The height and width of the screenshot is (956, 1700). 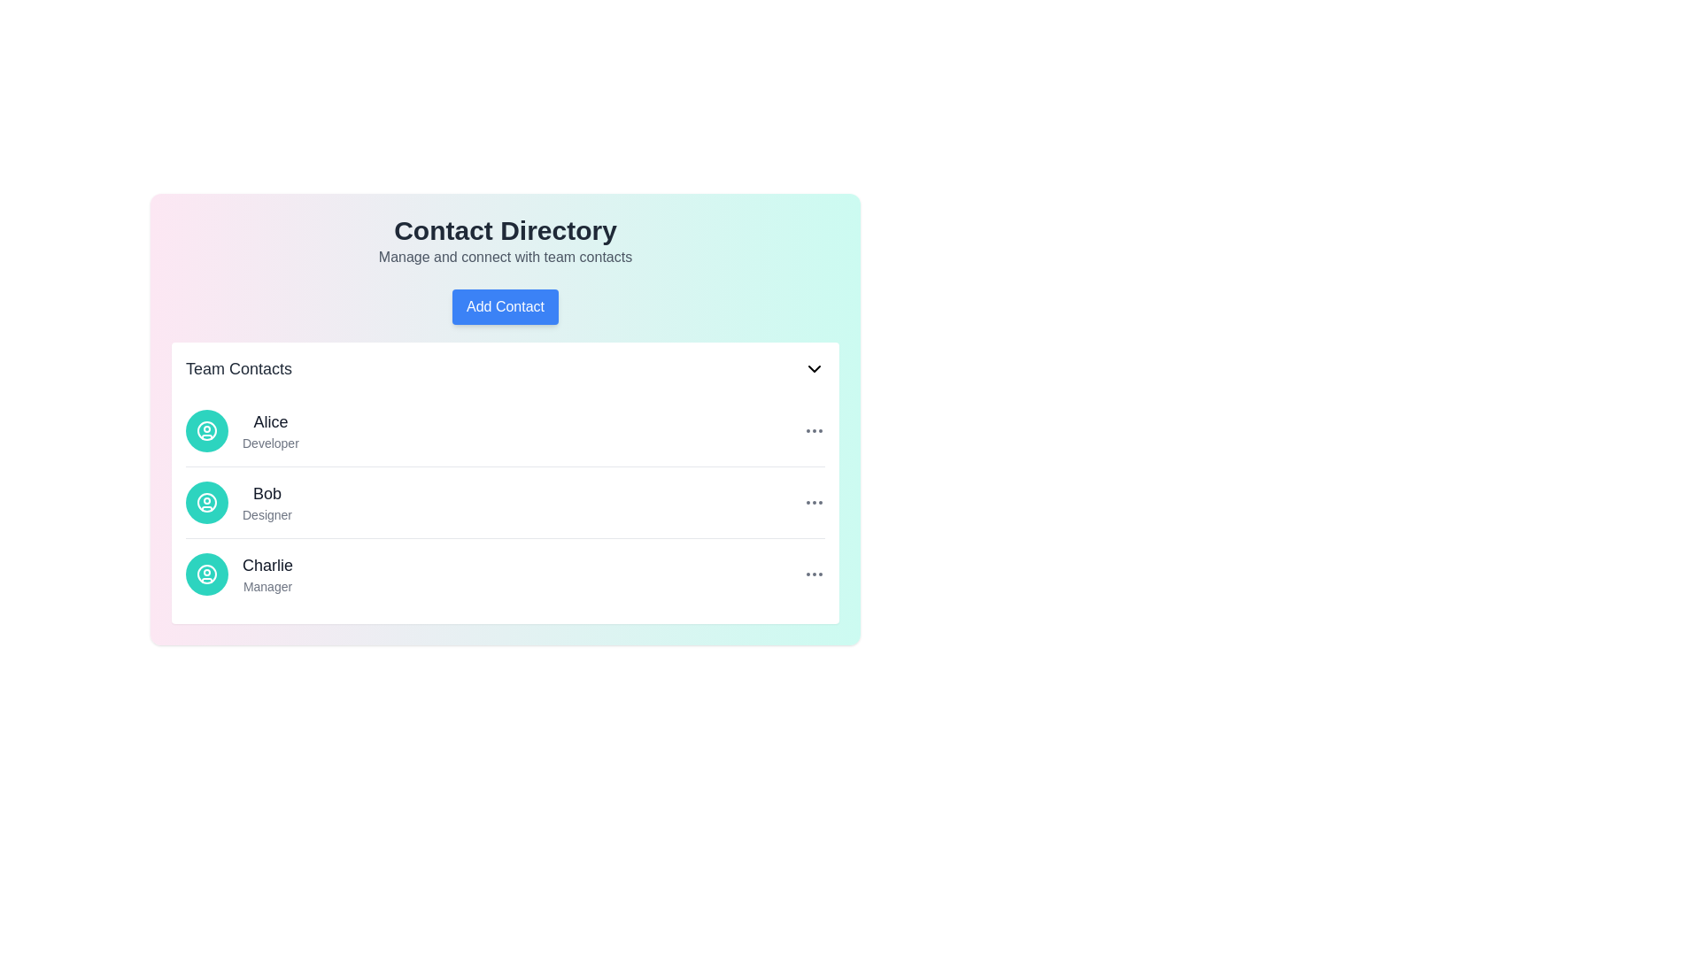 What do you see at coordinates (207, 430) in the screenshot?
I see `the Avatar icon representing the contact 'Alice' in the 'Team Contacts' list` at bounding box center [207, 430].